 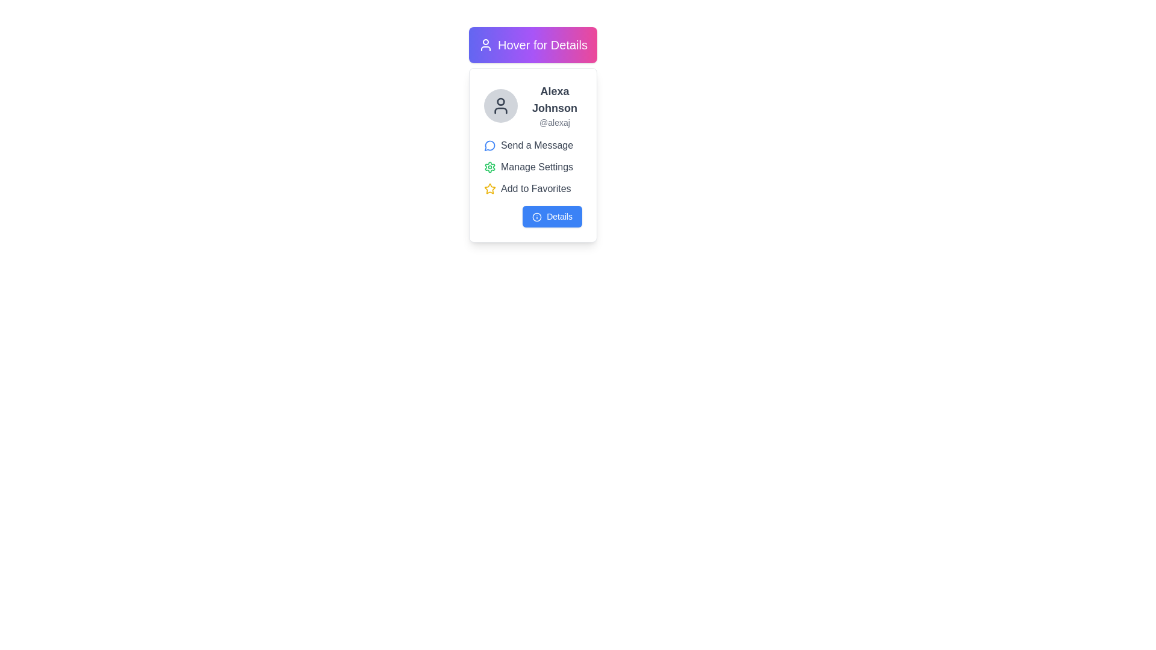 What do you see at coordinates (552, 215) in the screenshot?
I see `the user profile details button located at the bottom of the user's details card` at bounding box center [552, 215].